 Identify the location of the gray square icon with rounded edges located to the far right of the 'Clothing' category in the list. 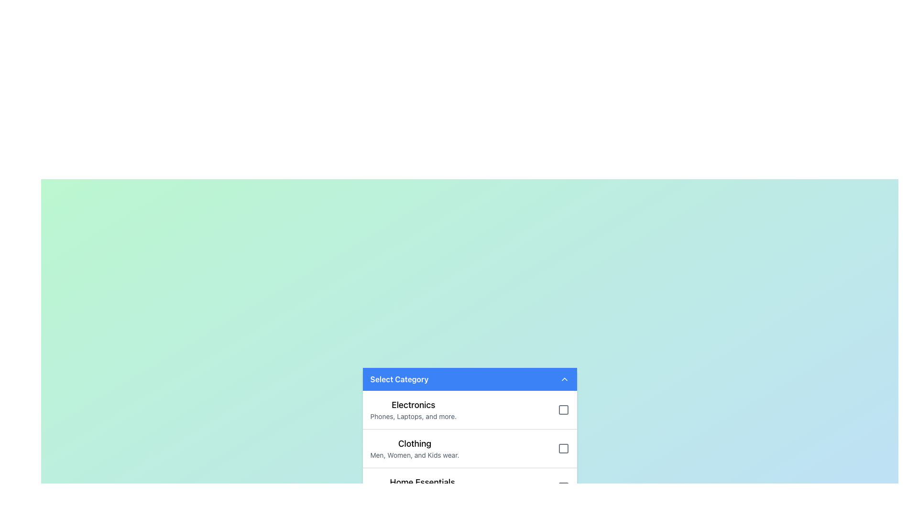
(563, 448).